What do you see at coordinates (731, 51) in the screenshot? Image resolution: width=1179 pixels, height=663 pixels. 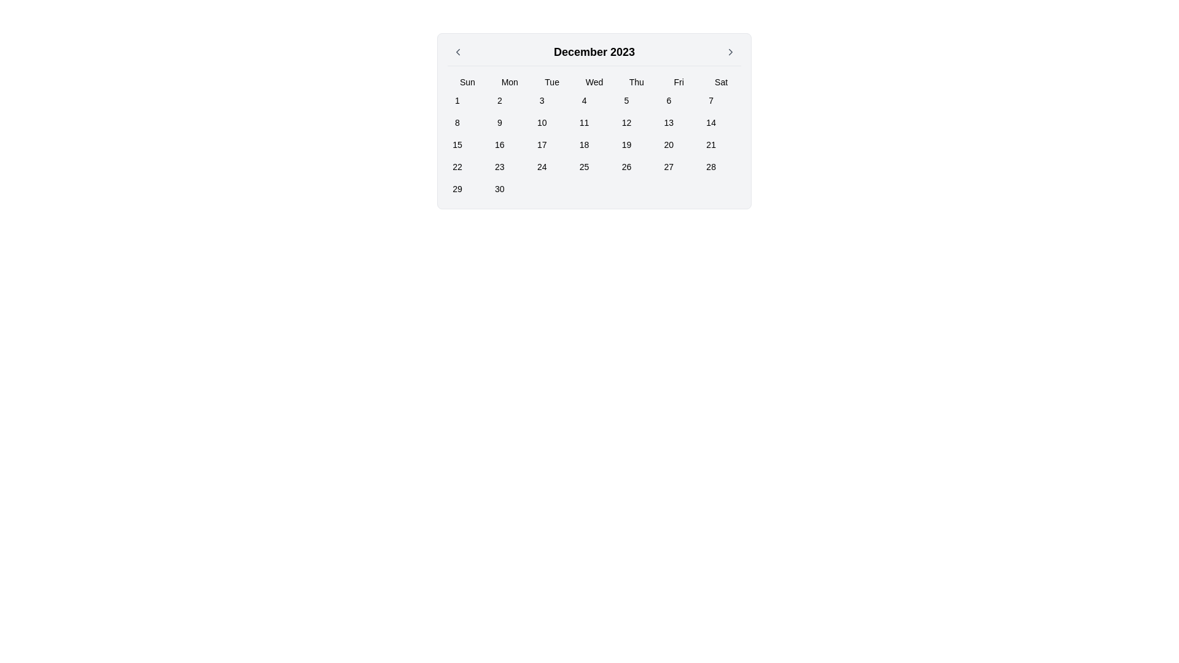 I see `the right-pointing navigation arrow icon adjacent to the heading 'December 2023'` at bounding box center [731, 51].